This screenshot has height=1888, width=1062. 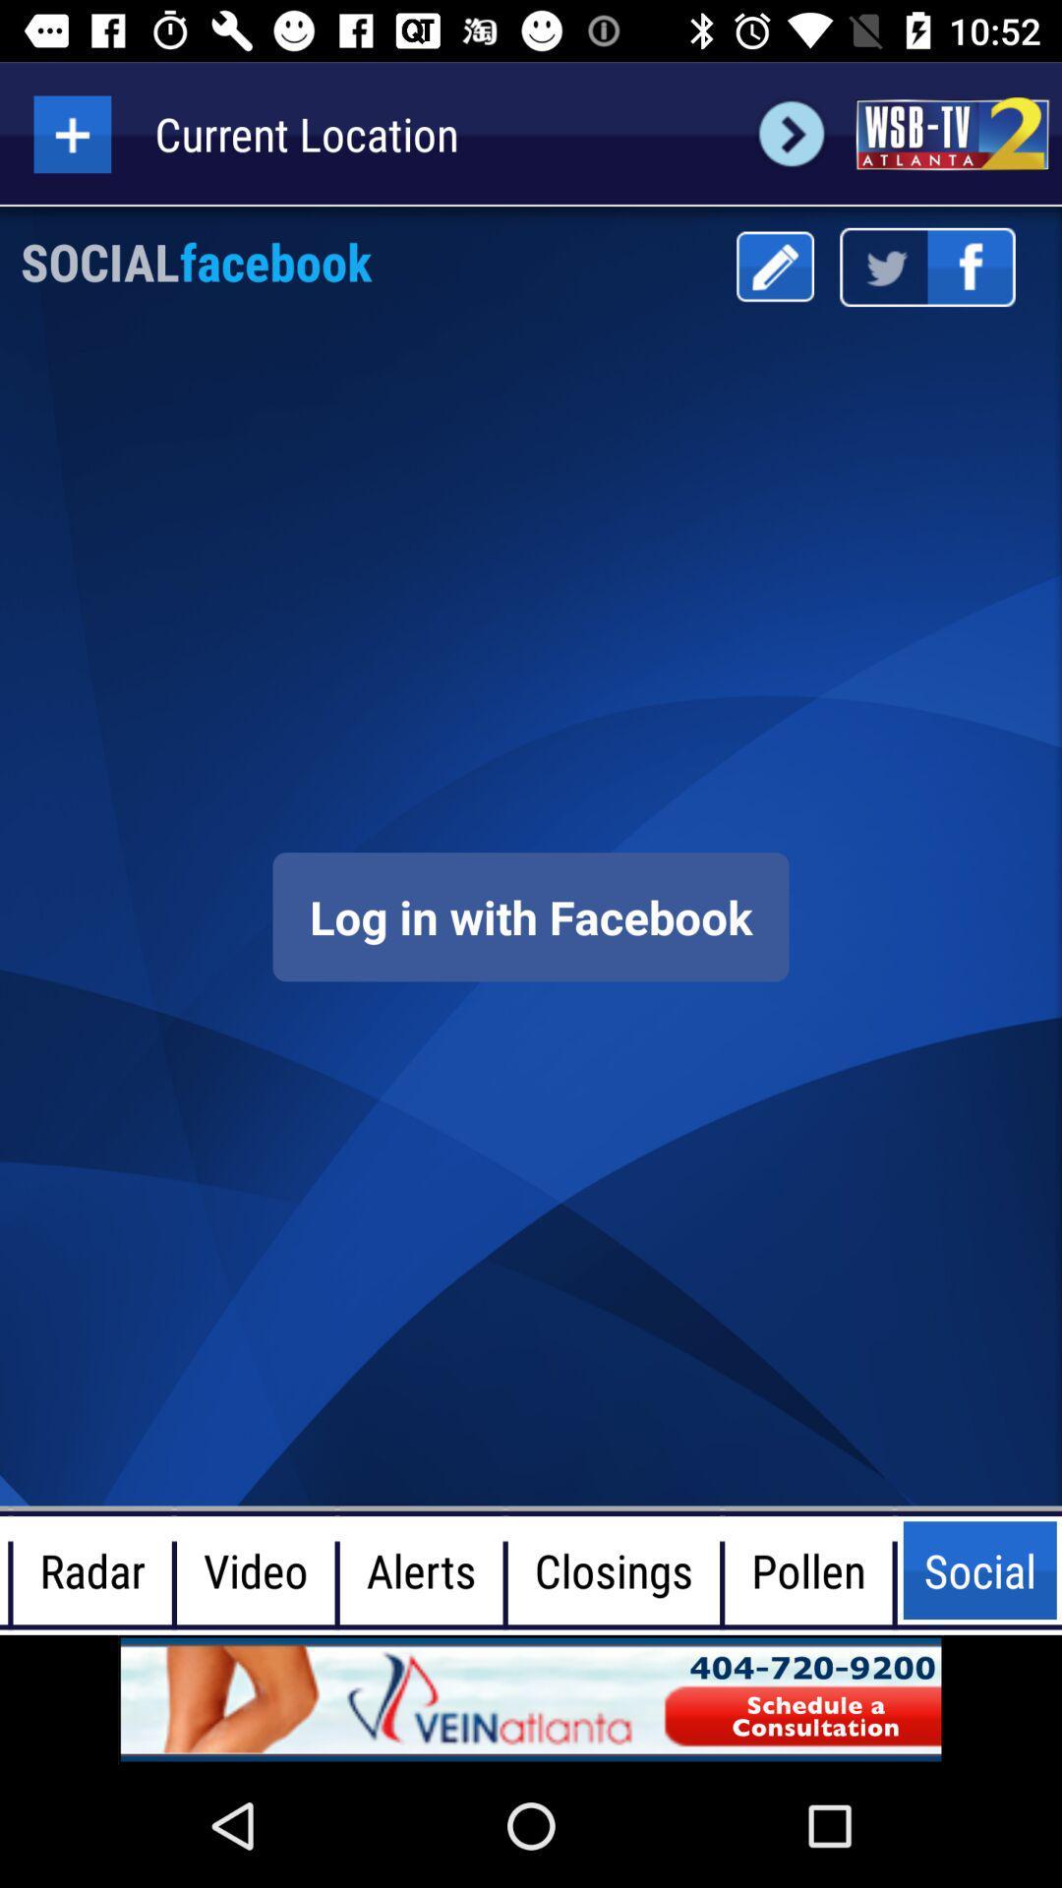 What do you see at coordinates (951, 133) in the screenshot?
I see `news page` at bounding box center [951, 133].